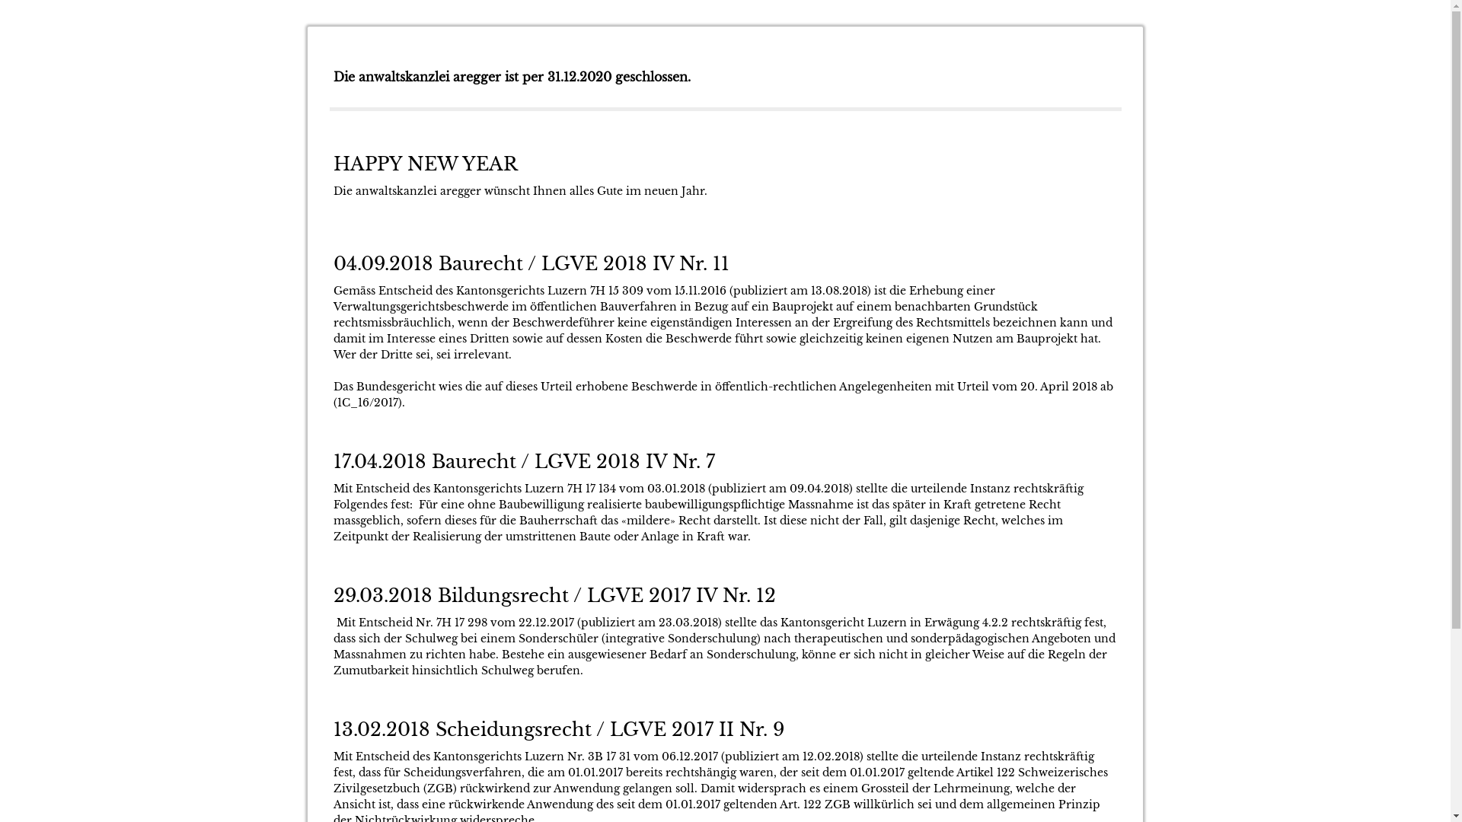 The image size is (1462, 822). I want to click on 'Die anwaltskanzlei aregger ist per 31.12.2020 geschlossen.', so click(512, 77).